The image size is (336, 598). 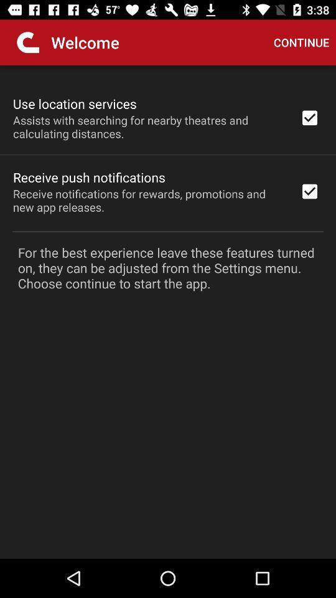 I want to click on use location services, so click(x=75, y=103).